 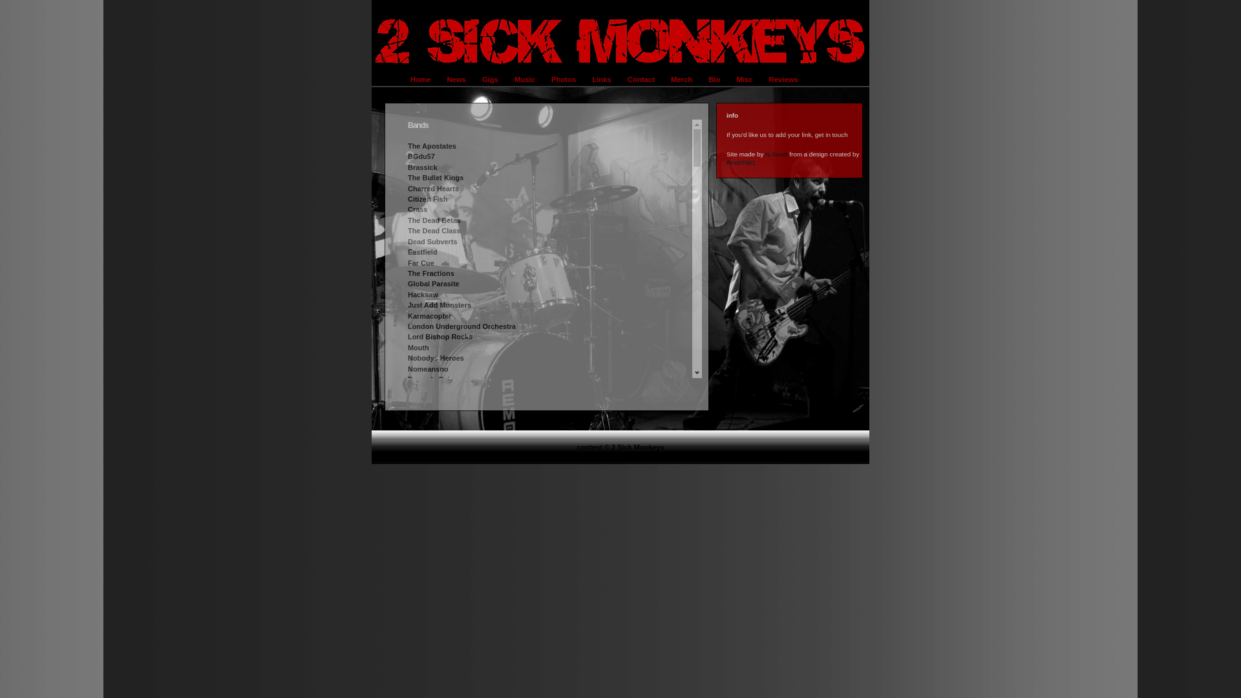 What do you see at coordinates (432, 242) in the screenshot?
I see `'Dead Subverts'` at bounding box center [432, 242].